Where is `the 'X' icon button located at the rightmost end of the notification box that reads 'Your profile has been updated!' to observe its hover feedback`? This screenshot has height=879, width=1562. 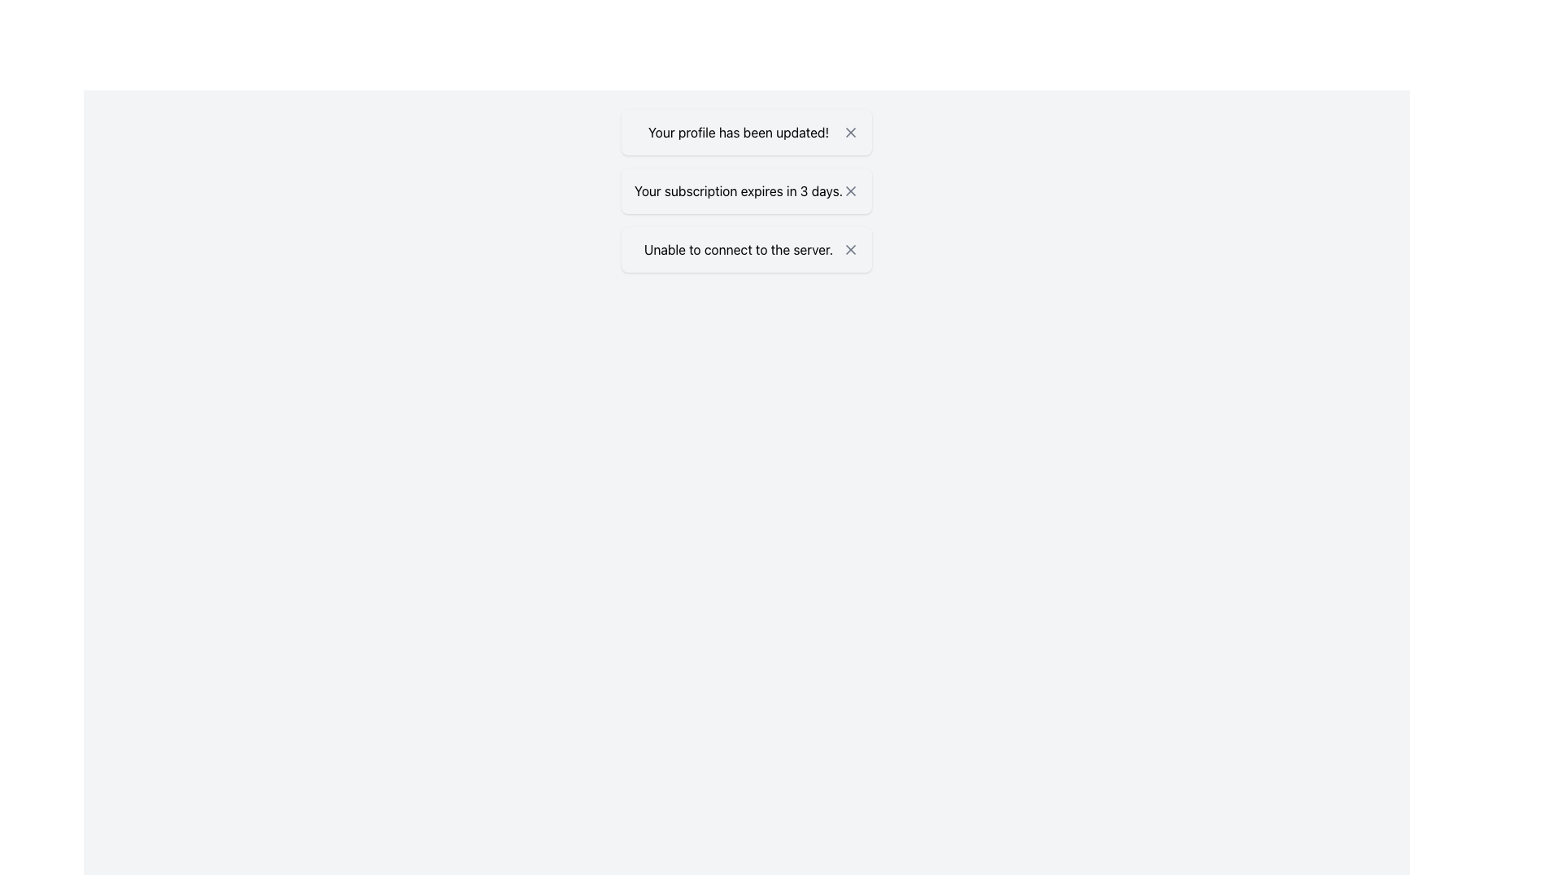 the 'X' icon button located at the rightmost end of the notification box that reads 'Your profile has been updated!' to observe its hover feedback is located at coordinates (850, 131).